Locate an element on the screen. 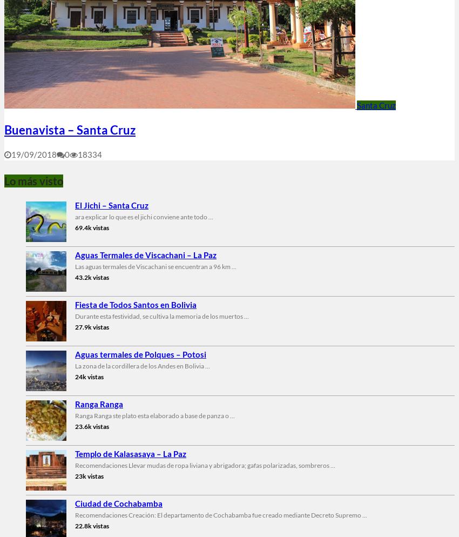 This screenshot has height=537, width=459. '18334' is located at coordinates (90, 153).